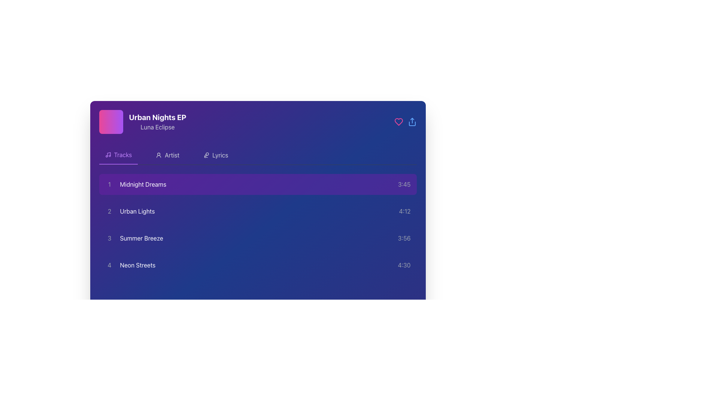  What do you see at coordinates (137, 211) in the screenshot?
I see `the static text display containing the text 'Urban Lights', which is the second item in the list of song names, aligned to the right of the numbering '2'` at bounding box center [137, 211].